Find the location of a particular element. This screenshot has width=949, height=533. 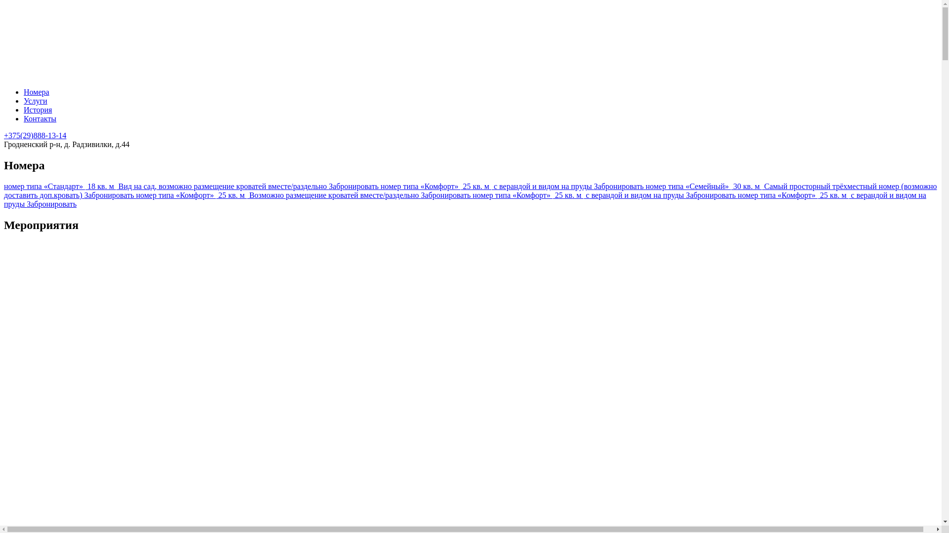

'+375(29)888-13-14' is located at coordinates (4, 135).